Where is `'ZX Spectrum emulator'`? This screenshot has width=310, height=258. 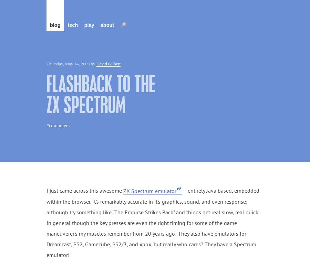 'ZX Spectrum emulator' is located at coordinates (149, 191).